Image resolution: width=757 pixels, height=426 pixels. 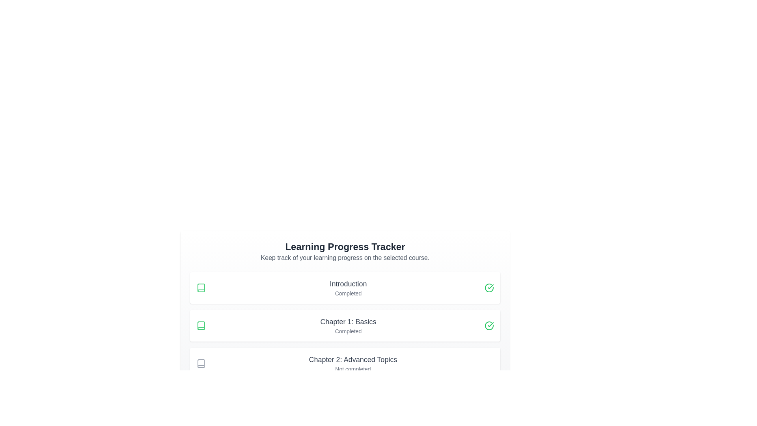 What do you see at coordinates (201, 288) in the screenshot?
I see `the 'Introduction' module icon in the 'Learning Progress Tracker' section, located at the top-left corner of the card, next to the 'Introduction Completed' text` at bounding box center [201, 288].